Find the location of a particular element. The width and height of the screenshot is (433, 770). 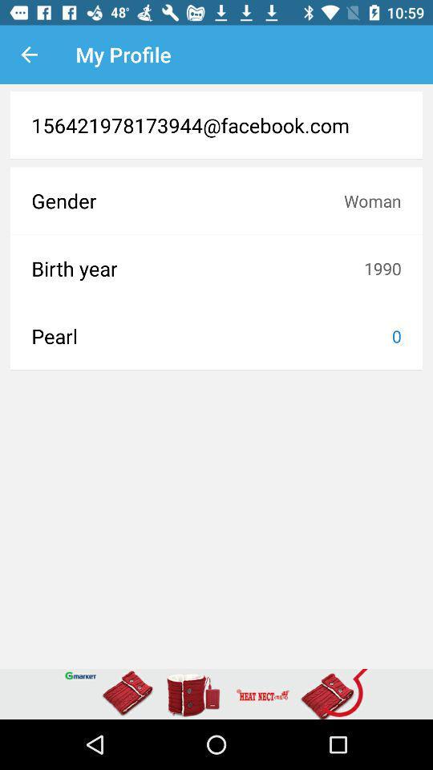

icon to the left of 1990 icon is located at coordinates (197, 268).